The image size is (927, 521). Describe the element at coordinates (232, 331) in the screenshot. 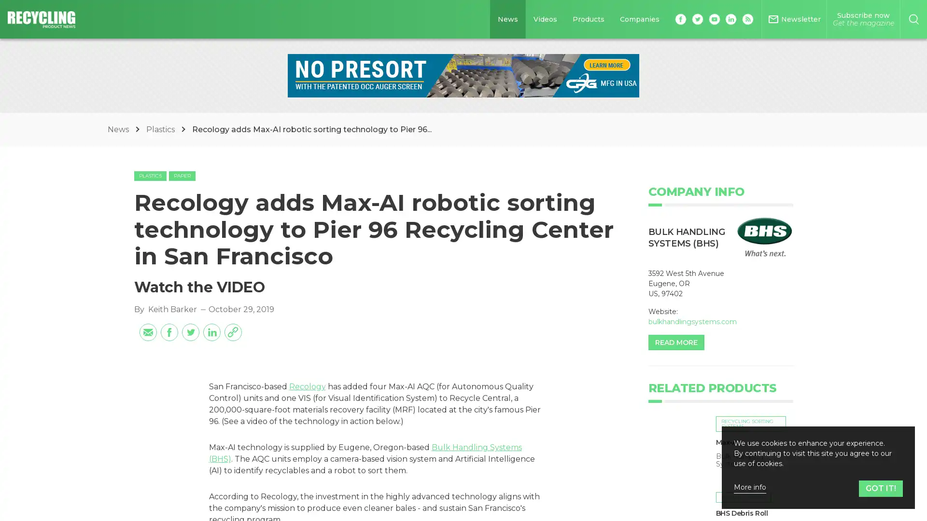

I see `Copy the link` at that location.